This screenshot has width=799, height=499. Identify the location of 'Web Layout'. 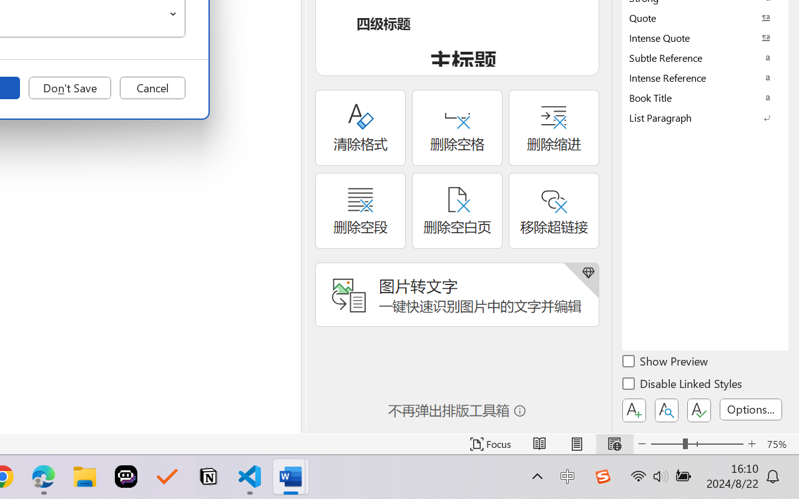
(614, 443).